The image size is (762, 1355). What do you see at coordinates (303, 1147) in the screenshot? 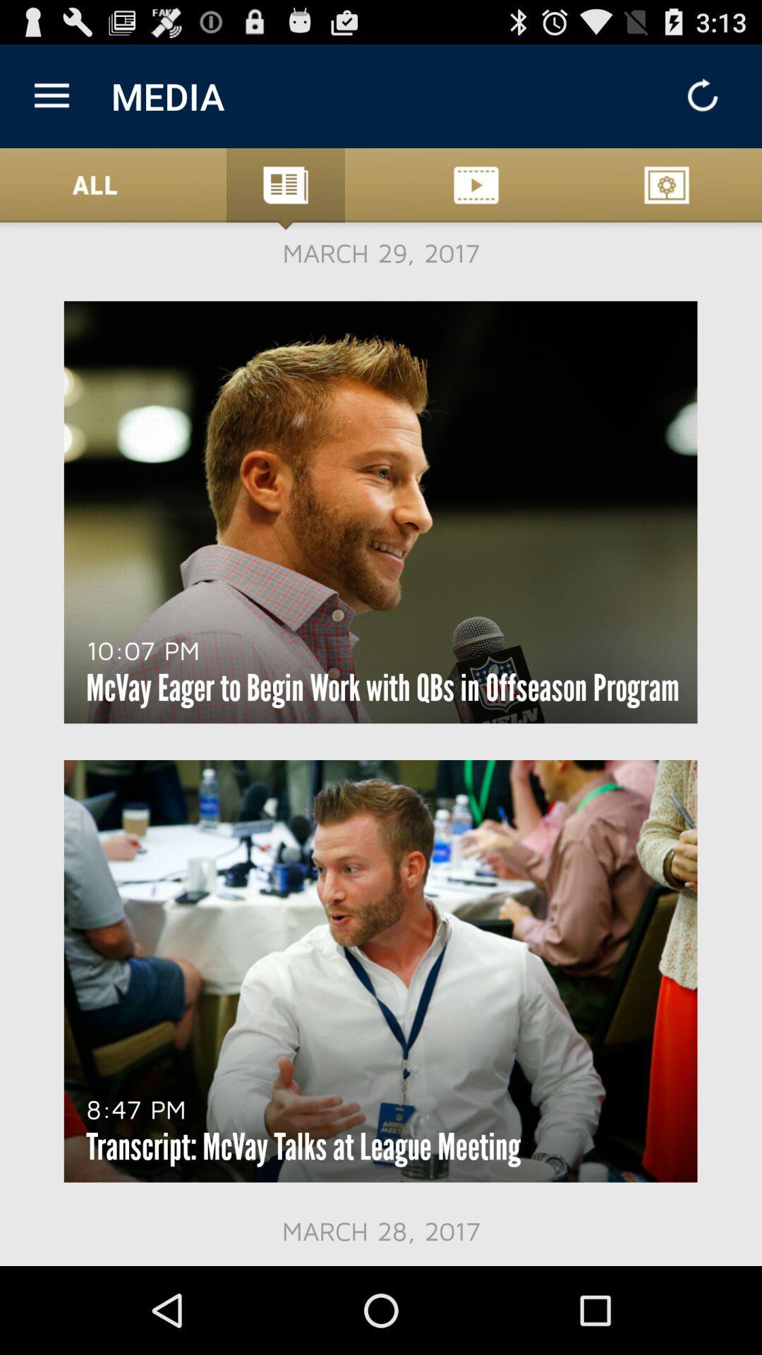
I see `transcript mcvay talks icon` at bounding box center [303, 1147].